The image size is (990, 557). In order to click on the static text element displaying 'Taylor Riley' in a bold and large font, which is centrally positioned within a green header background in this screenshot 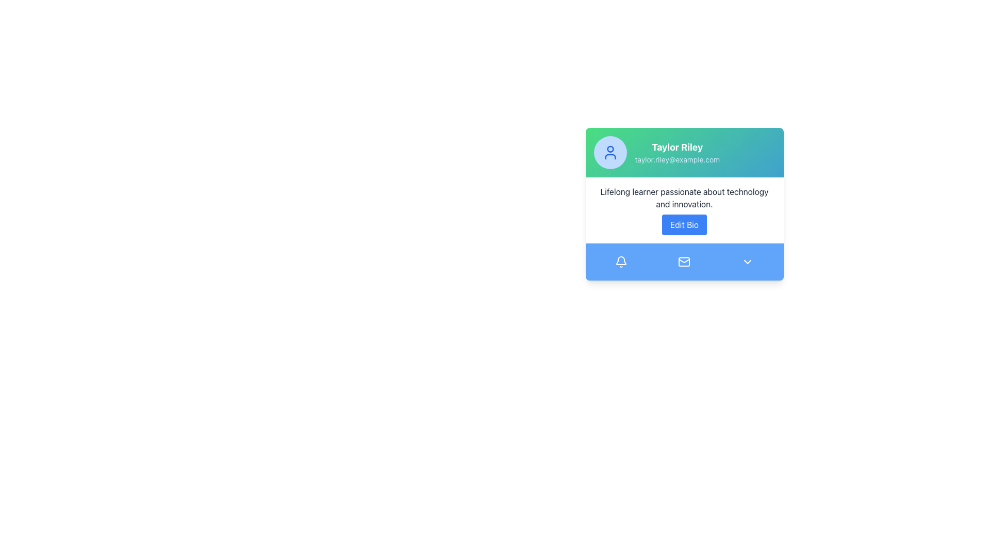, I will do `click(677, 147)`.